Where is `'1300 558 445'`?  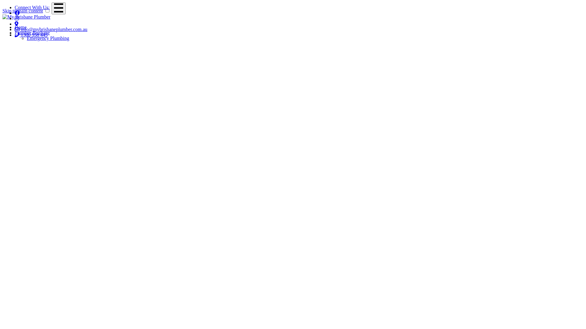
'1300 558 445' is located at coordinates (31, 35).